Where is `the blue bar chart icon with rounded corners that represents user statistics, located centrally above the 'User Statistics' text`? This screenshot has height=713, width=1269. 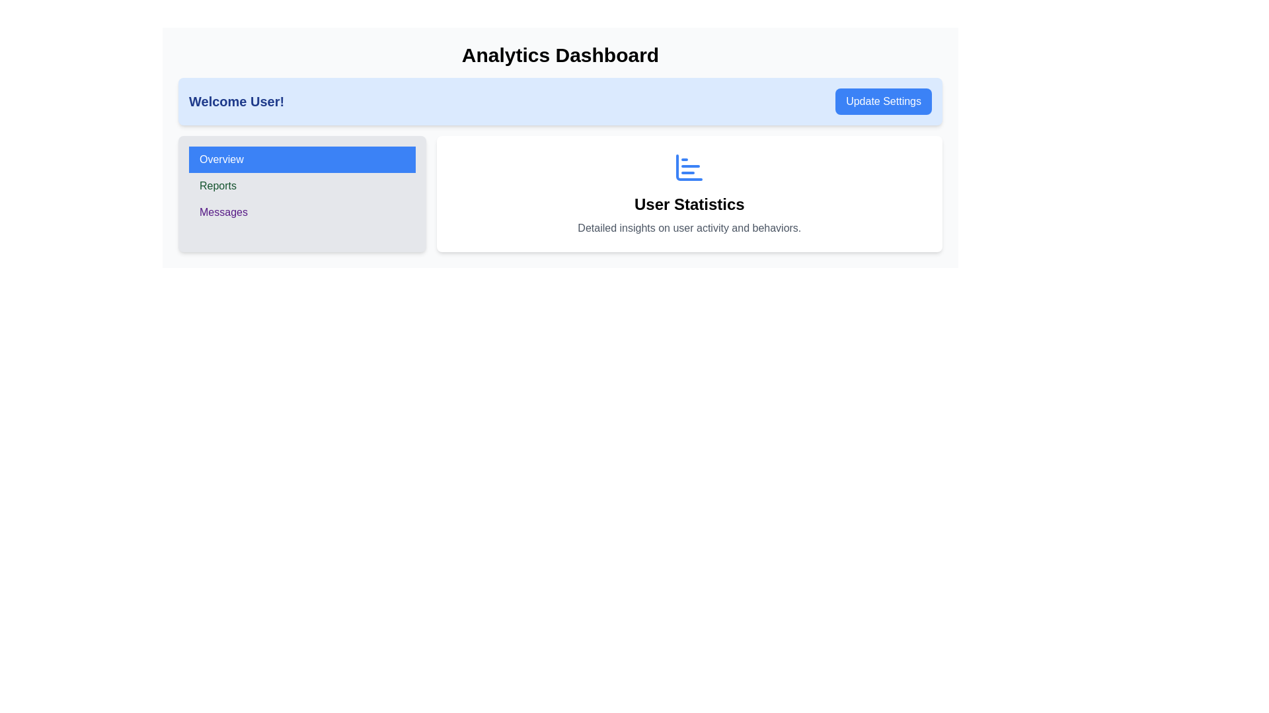
the blue bar chart icon with rounded corners that represents user statistics, located centrally above the 'User Statistics' text is located at coordinates (689, 167).